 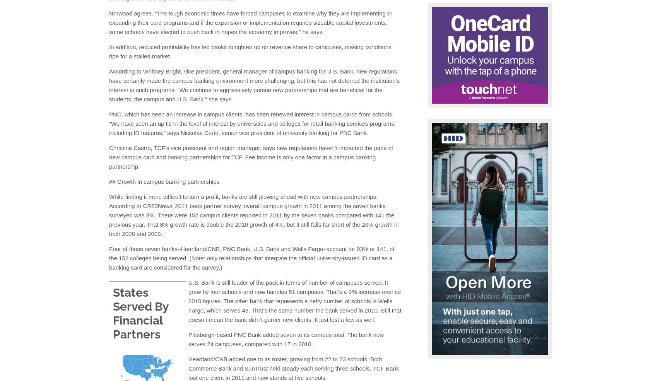 What do you see at coordinates (140, 313) in the screenshot?
I see `'States Served By Financial Partners'` at bounding box center [140, 313].